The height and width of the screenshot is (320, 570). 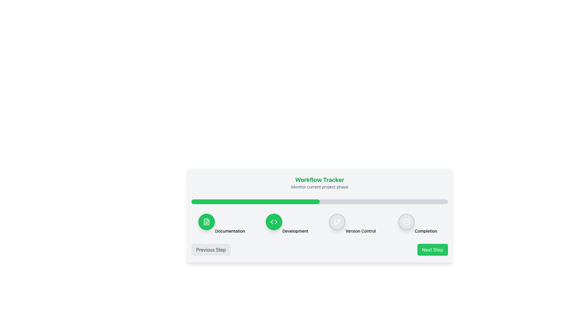 What do you see at coordinates (360, 231) in the screenshot?
I see `the text label displaying 'Version Control' located below the circular icon representing a branching structure in the interface` at bounding box center [360, 231].